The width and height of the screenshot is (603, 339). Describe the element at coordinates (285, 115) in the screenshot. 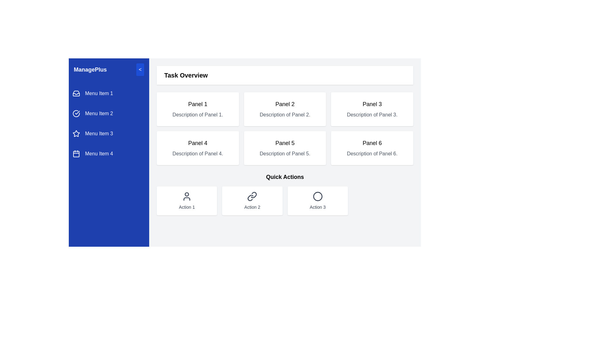

I see `the descriptive label providing additional information for the card titled 'Panel 2' located in the lower region of the card in the top row, second column of the grid layout` at that location.